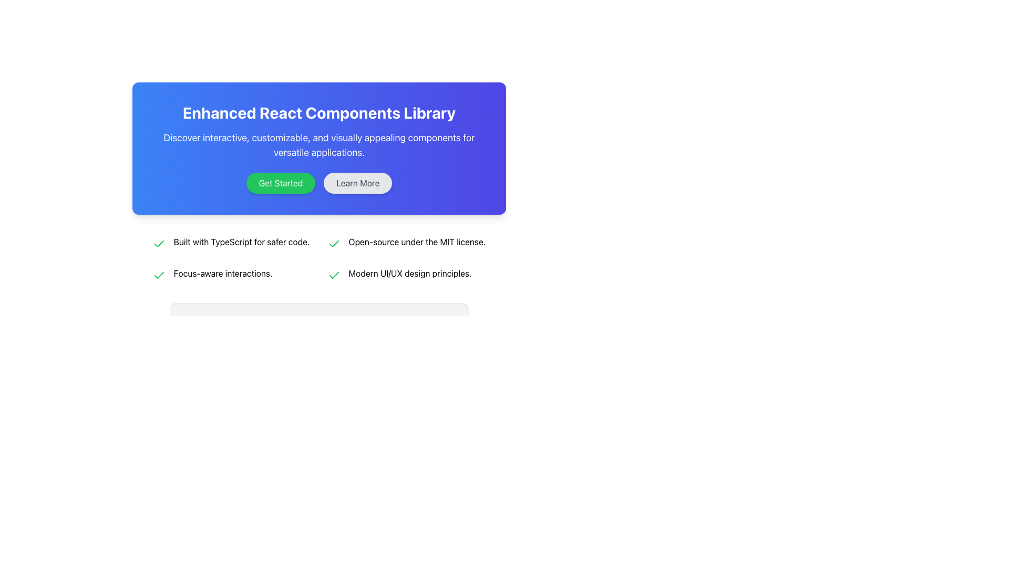  I want to click on licensing information text label indicating open-source content under the MIT license, which is the second element in the top row of a group containing checkmarks and texts, positioned in the upper-right area, so click(416, 242).